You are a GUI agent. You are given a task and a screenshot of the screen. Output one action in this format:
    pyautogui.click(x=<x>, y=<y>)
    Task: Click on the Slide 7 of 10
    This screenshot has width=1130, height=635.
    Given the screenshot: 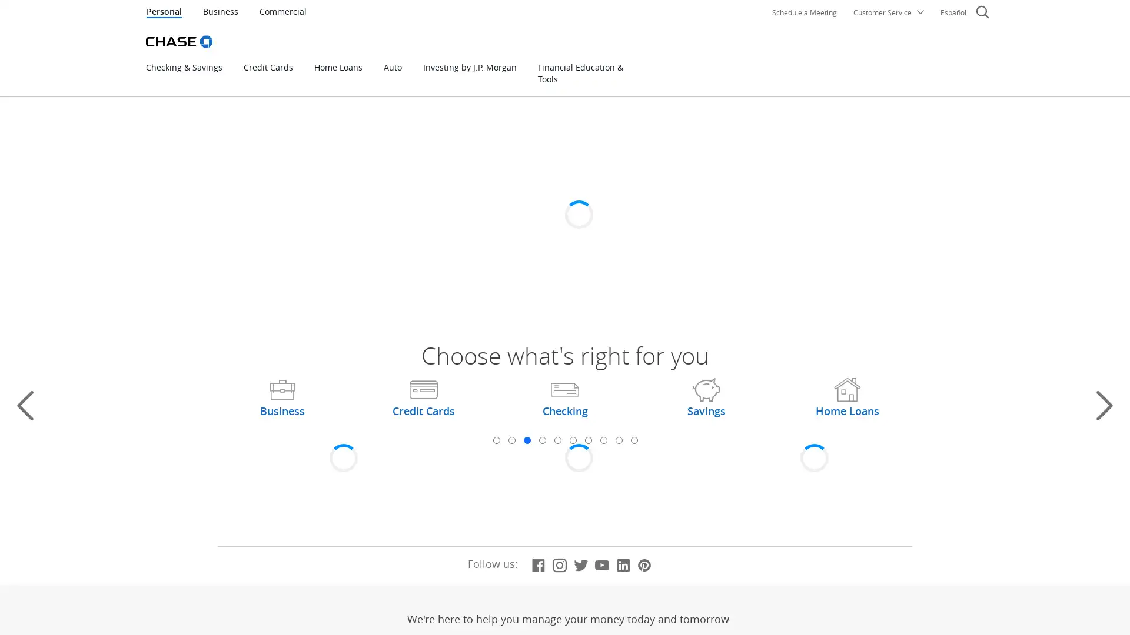 What is the action you would take?
    pyautogui.click(x=587, y=440)
    